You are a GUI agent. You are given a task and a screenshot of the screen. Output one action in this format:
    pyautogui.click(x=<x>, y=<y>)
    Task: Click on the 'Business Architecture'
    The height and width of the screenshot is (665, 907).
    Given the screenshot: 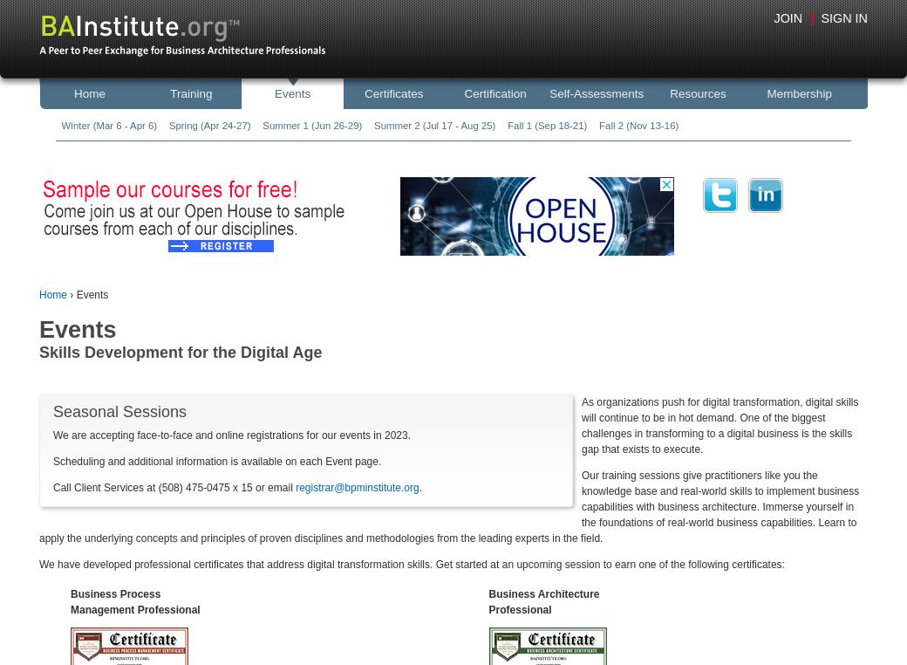 What is the action you would take?
    pyautogui.click(x=488, y=593)
    